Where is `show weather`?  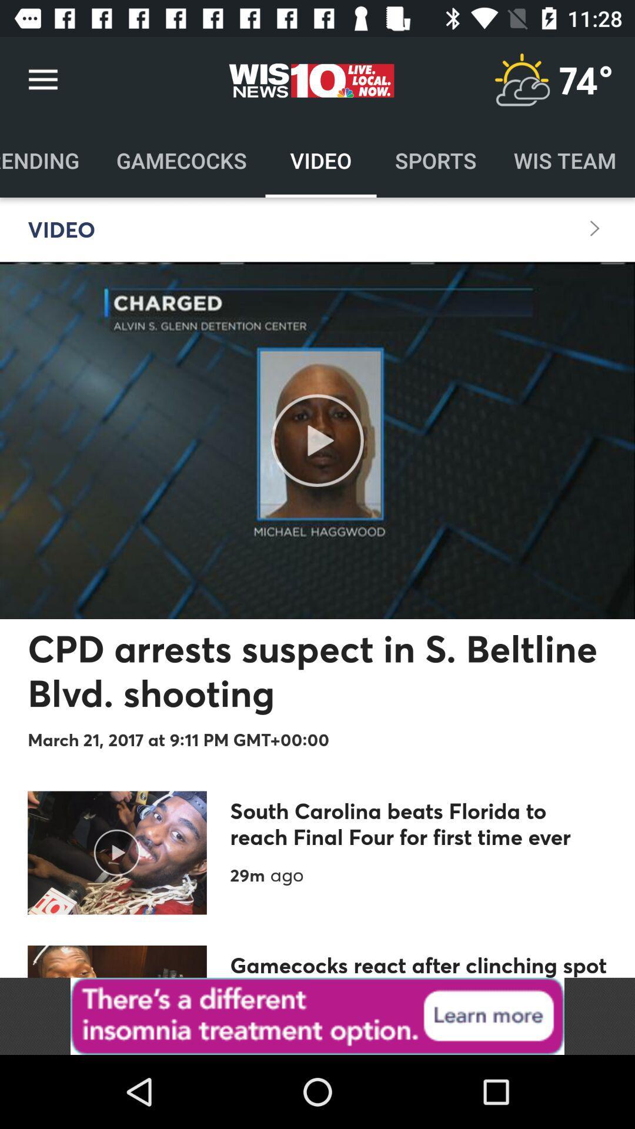 show weather is located at coordinates (521, 79).